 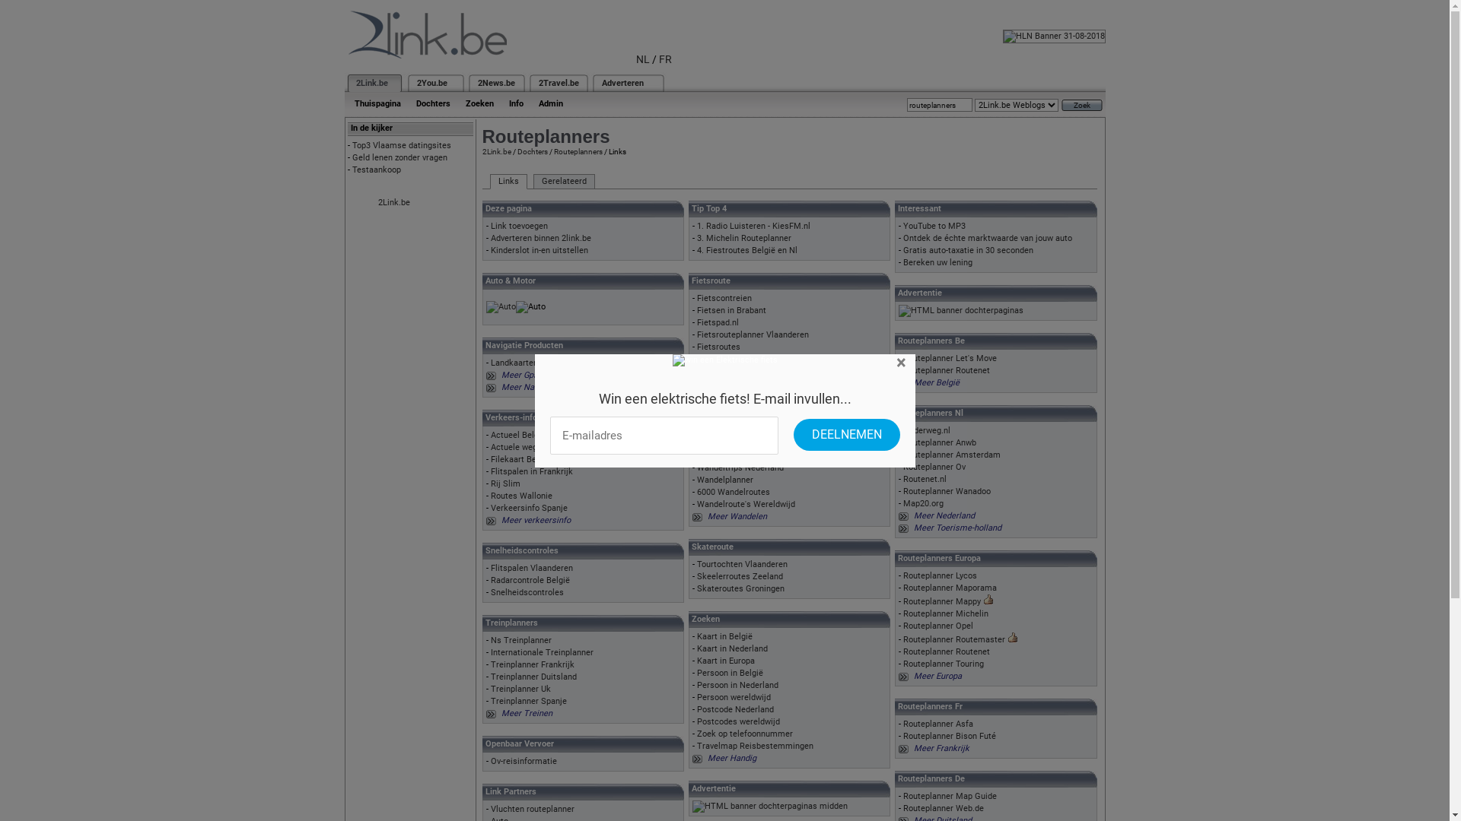 What do you see at coordinates (949, 587) in the screenshot?
I see `'Routeplanner Maporama'` at bounding box center [949, 587].